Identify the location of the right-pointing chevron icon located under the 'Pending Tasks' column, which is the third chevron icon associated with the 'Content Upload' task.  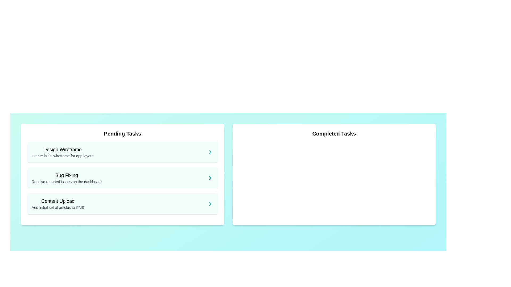
(210, 204).